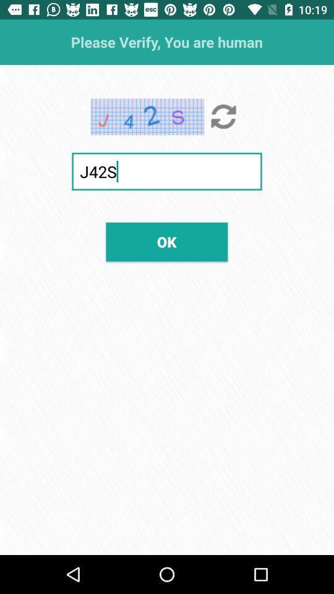 The height and width of the screenshot is (594, 334). What do you see at coordinates (167, 171) in the screenshot?
I see `the j42s` at bounding box center [167, 171].